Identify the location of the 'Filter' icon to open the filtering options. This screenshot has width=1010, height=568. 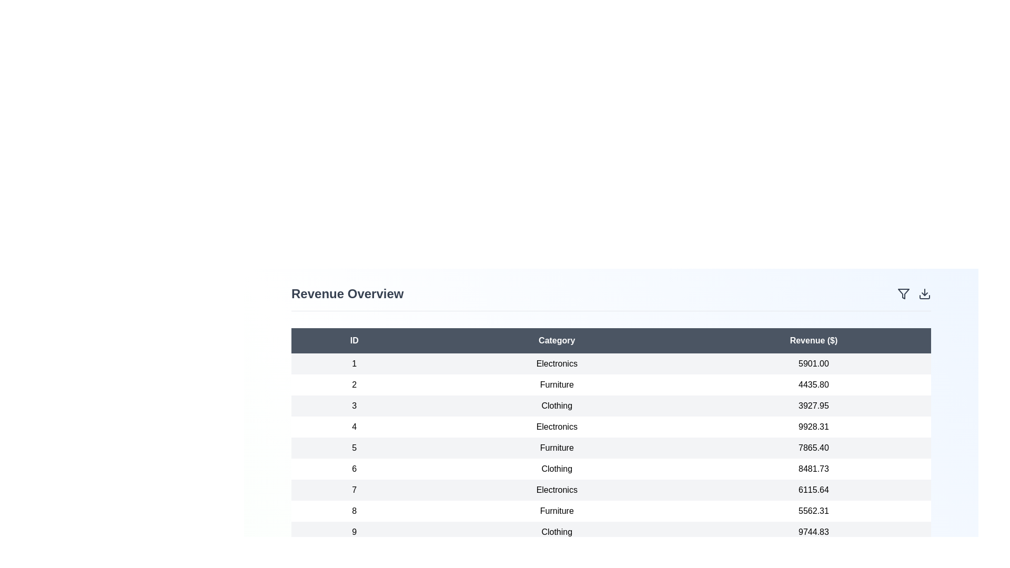
(903, 294).